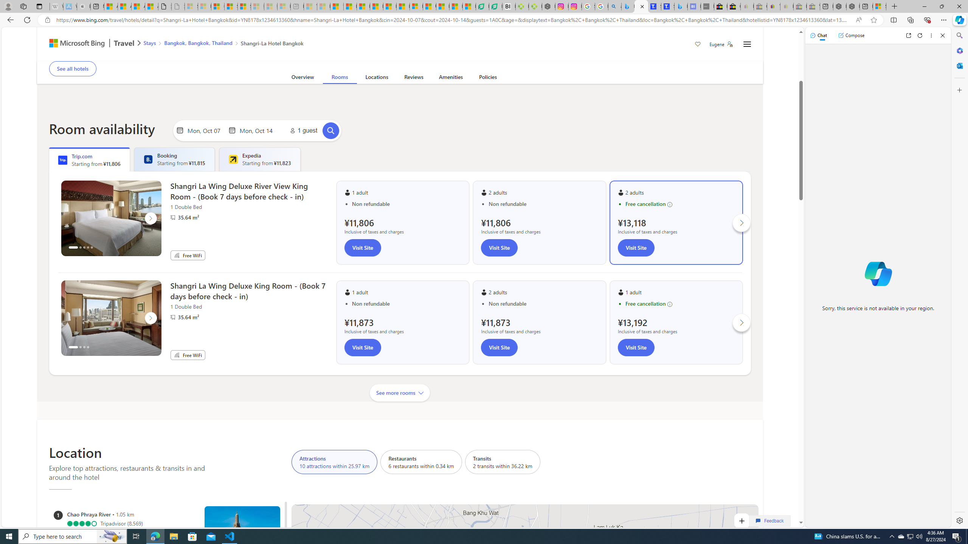 The width and height of the screenshot is (968, 544). I want to click on 'AutomationID: bread-crumb-root', so click(219, 44).